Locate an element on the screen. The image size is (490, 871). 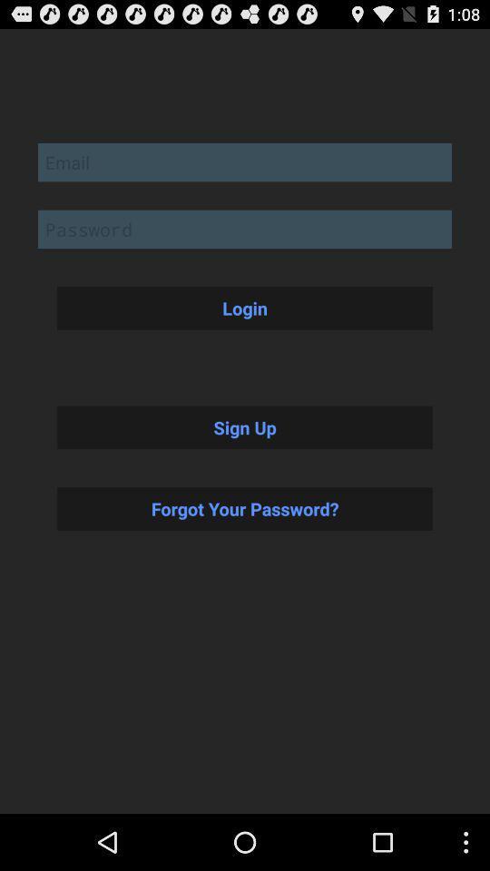
the forgot your password? icon is located at coordinates (245, 508).